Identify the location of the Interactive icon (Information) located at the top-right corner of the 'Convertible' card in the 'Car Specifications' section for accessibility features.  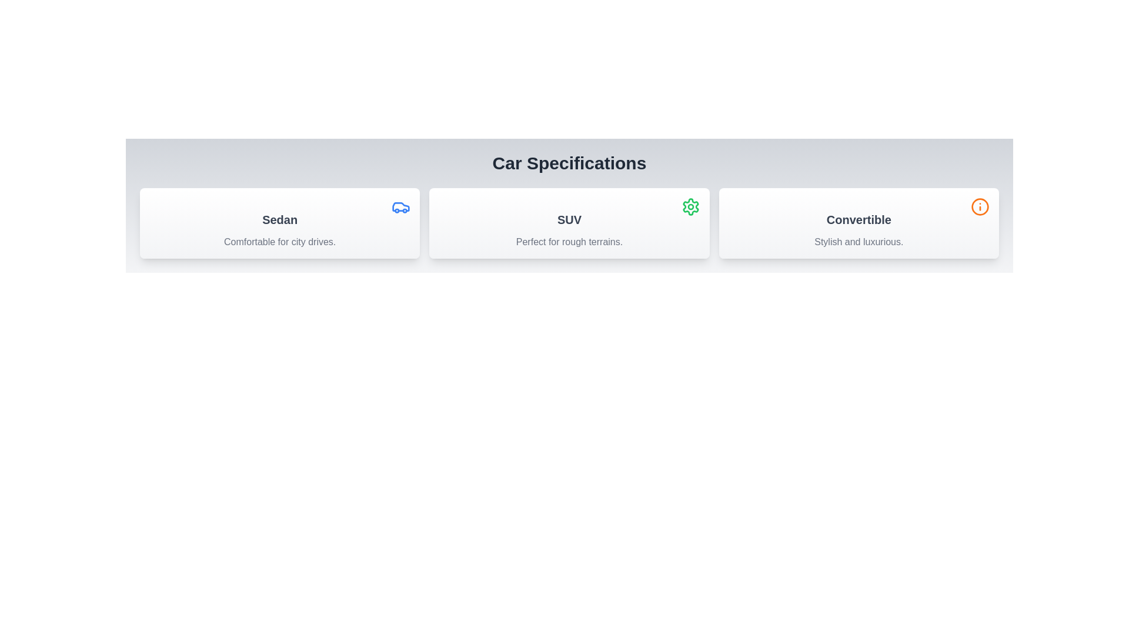
(980, 206).